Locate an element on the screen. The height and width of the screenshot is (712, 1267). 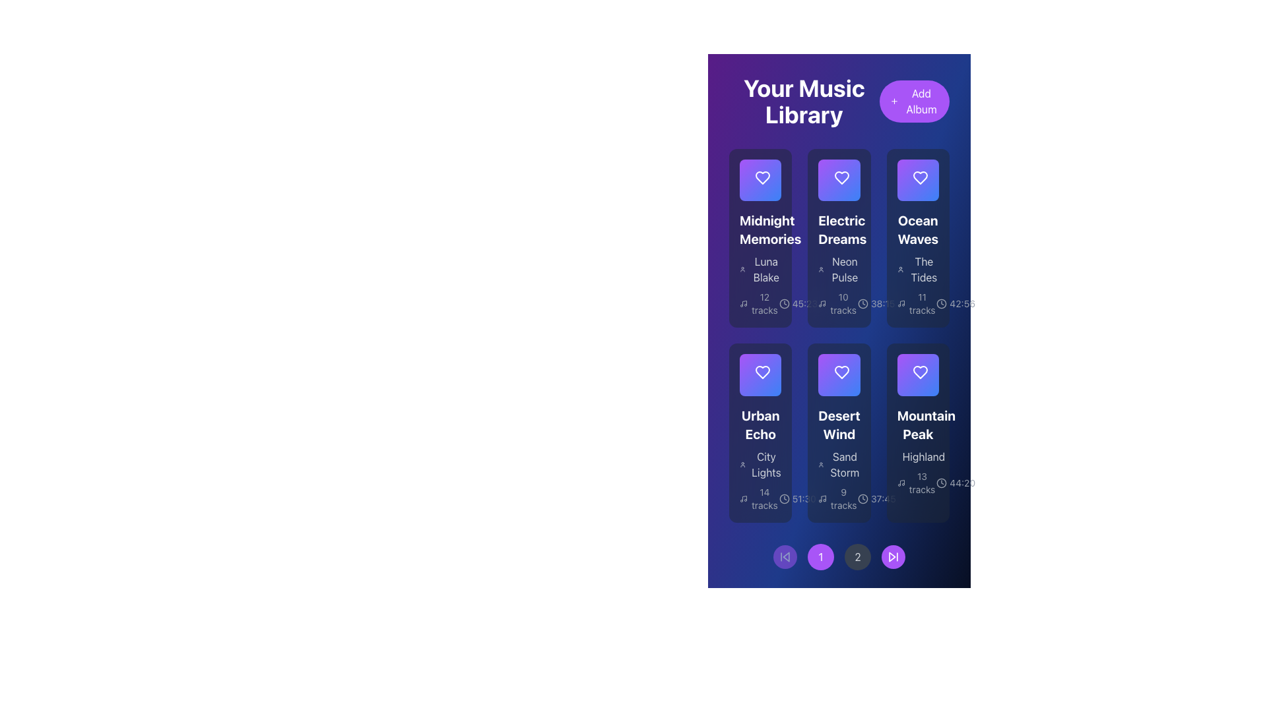
the text element displaying the time duration '51:30', which is in bold white font below the title 'Desert Wind' and beside a clock icon is located at coordinates (803, 498).